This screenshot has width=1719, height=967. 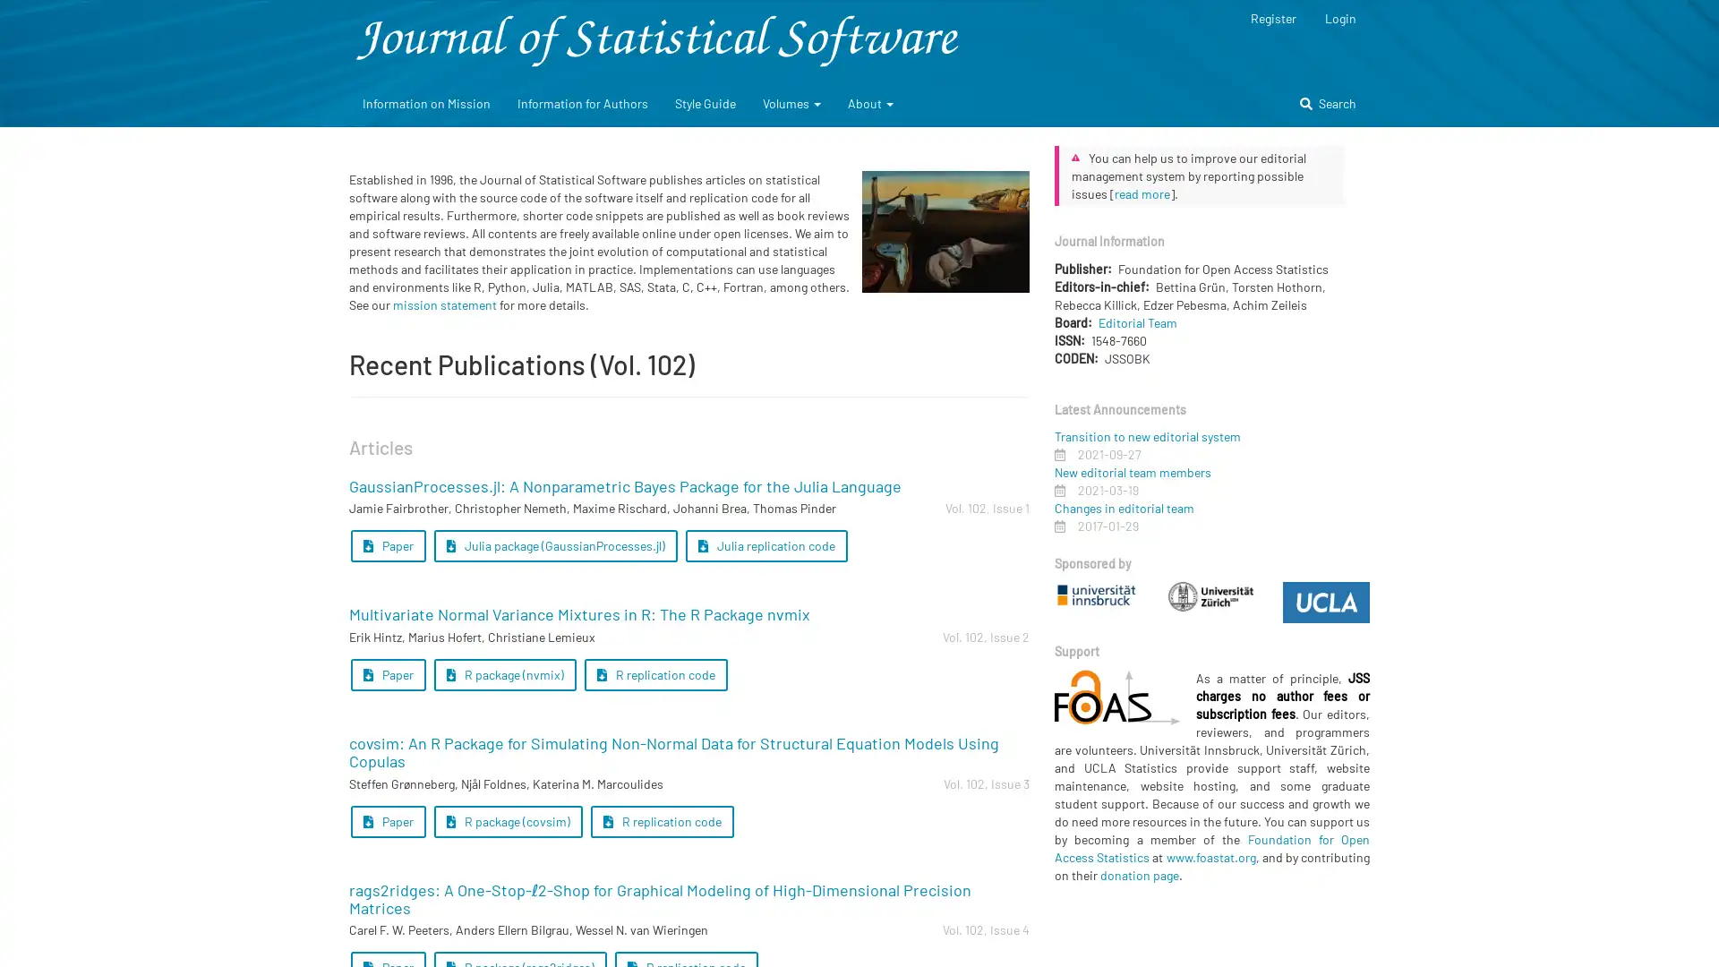 I want to click on Paper, so click(x=387, y=821).